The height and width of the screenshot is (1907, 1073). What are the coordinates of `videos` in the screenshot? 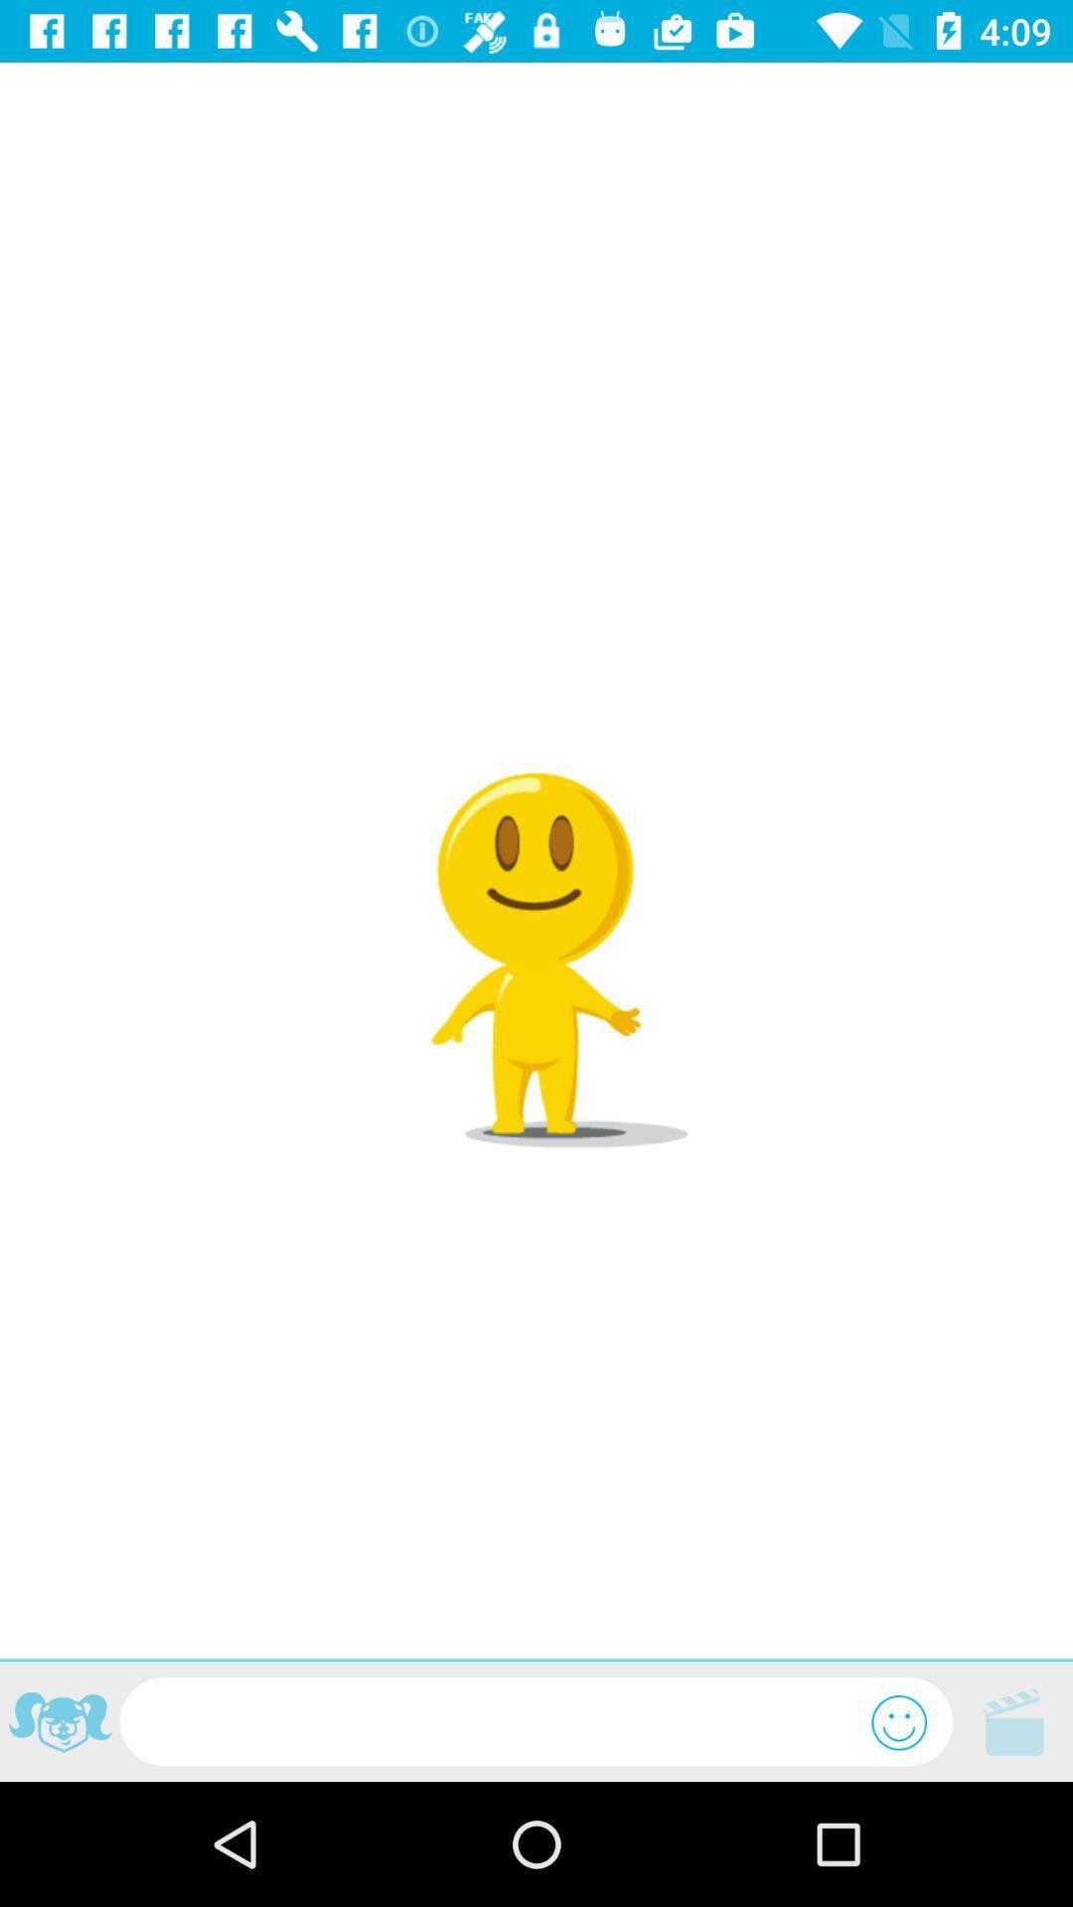 It's located at (1012, 1720).